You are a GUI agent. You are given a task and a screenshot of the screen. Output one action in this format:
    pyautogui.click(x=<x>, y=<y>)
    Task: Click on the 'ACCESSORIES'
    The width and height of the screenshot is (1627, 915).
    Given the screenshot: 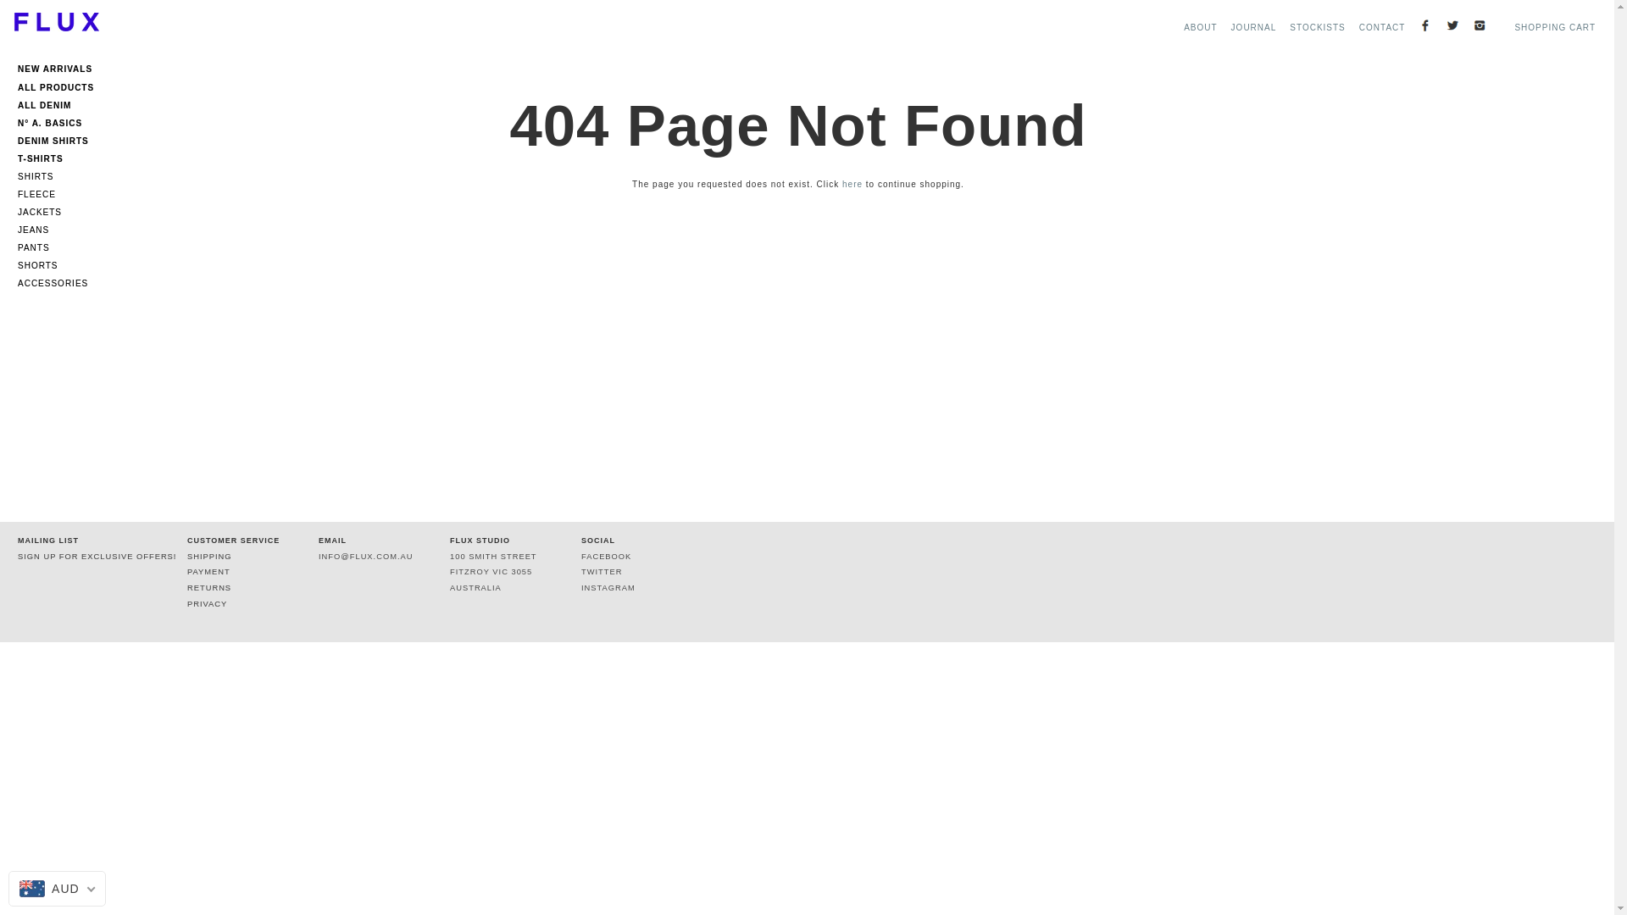 What is the action you would take?
    pyautogui.click(x=17, y=282)
    